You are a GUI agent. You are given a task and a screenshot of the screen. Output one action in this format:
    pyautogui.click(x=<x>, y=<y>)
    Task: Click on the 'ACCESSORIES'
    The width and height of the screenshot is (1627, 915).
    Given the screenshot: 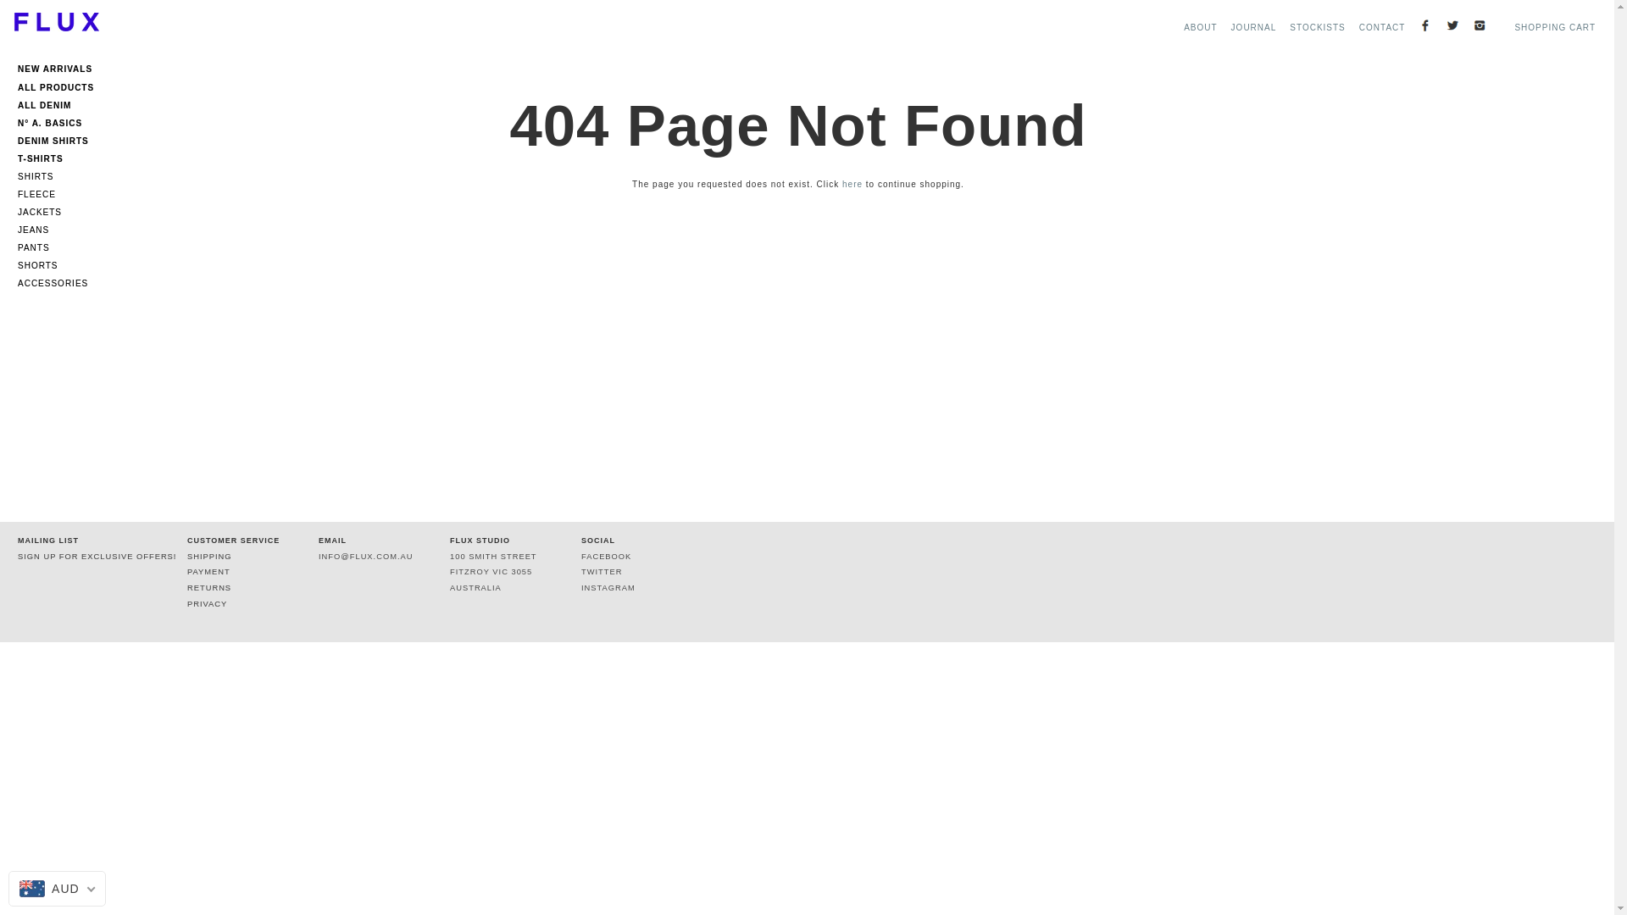 What is the action you would take?
    pyautogui.click(x=17, y=282)
    